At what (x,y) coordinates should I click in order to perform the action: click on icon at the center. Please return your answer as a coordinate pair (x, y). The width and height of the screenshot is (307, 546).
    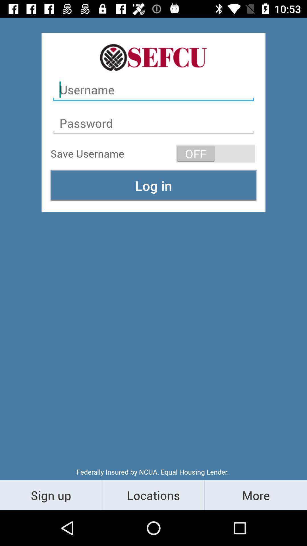
    Looking at the image, I should click on (153, 185).